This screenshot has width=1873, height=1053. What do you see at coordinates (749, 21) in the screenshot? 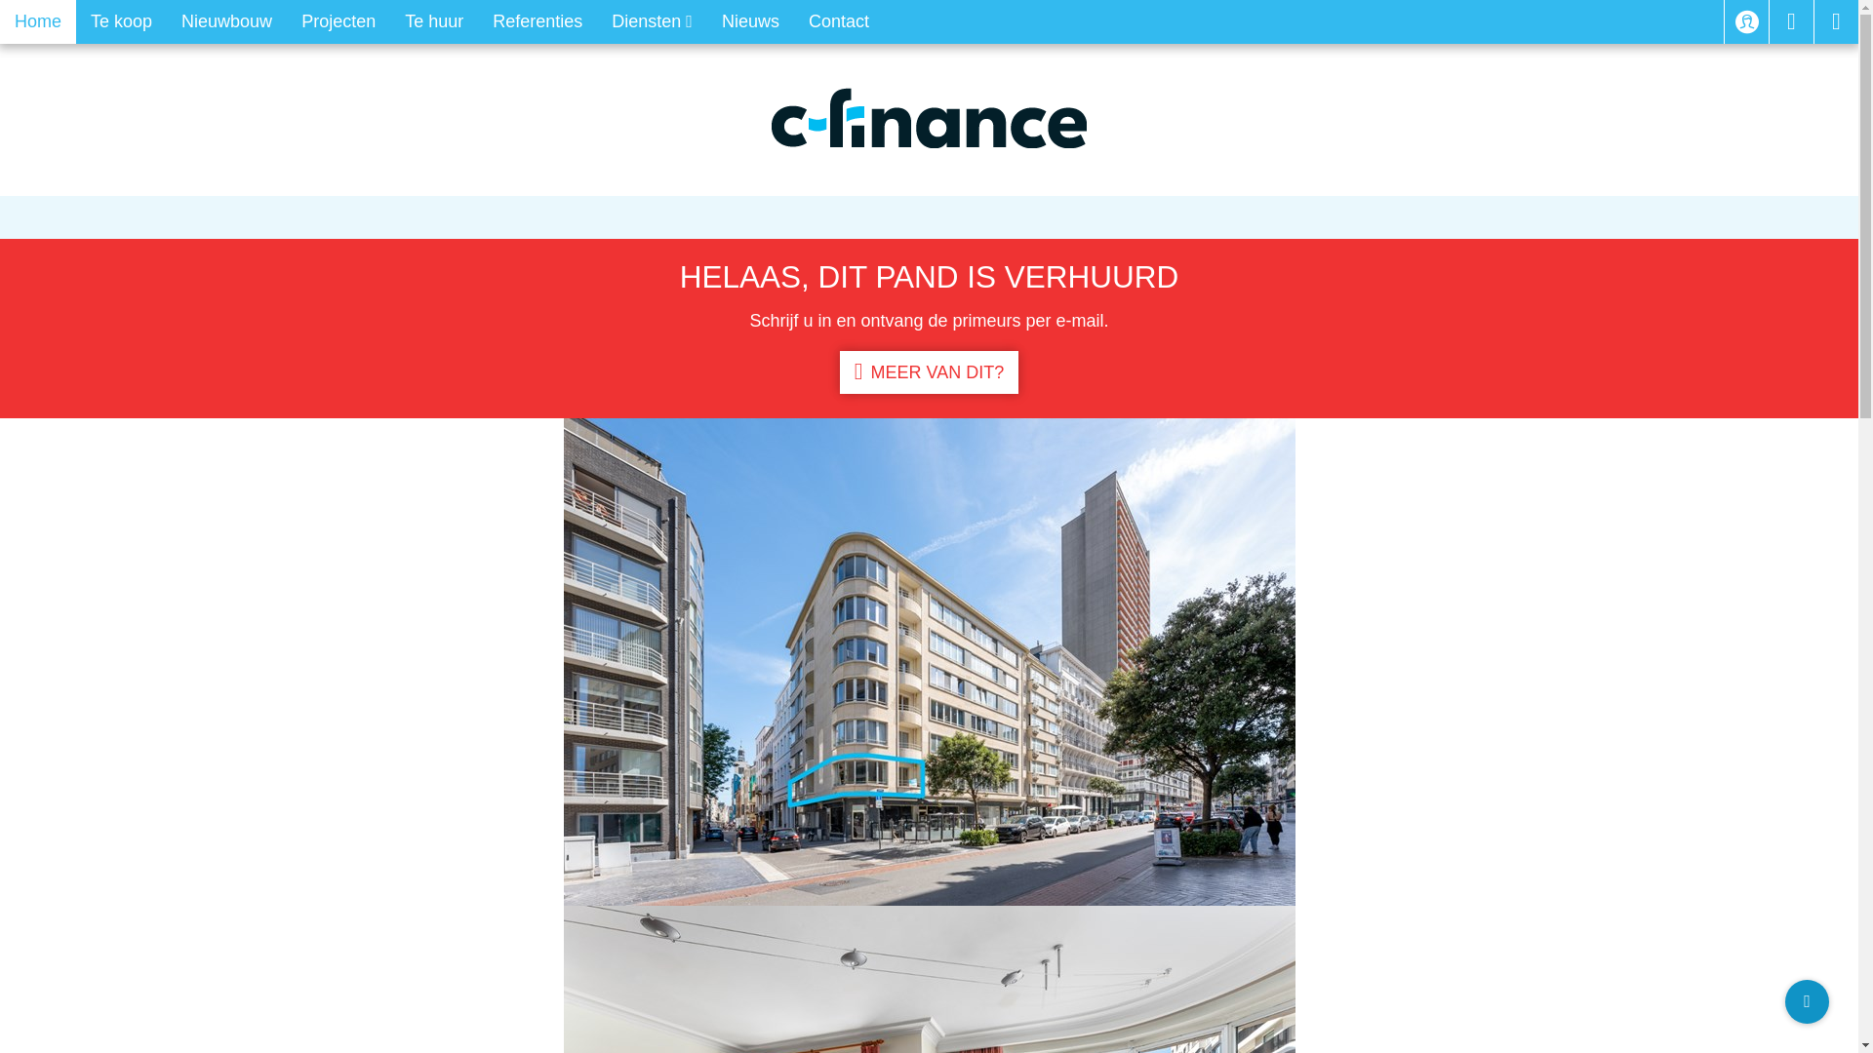
I see `'Nieuws'` at bounding box center [749, 21].